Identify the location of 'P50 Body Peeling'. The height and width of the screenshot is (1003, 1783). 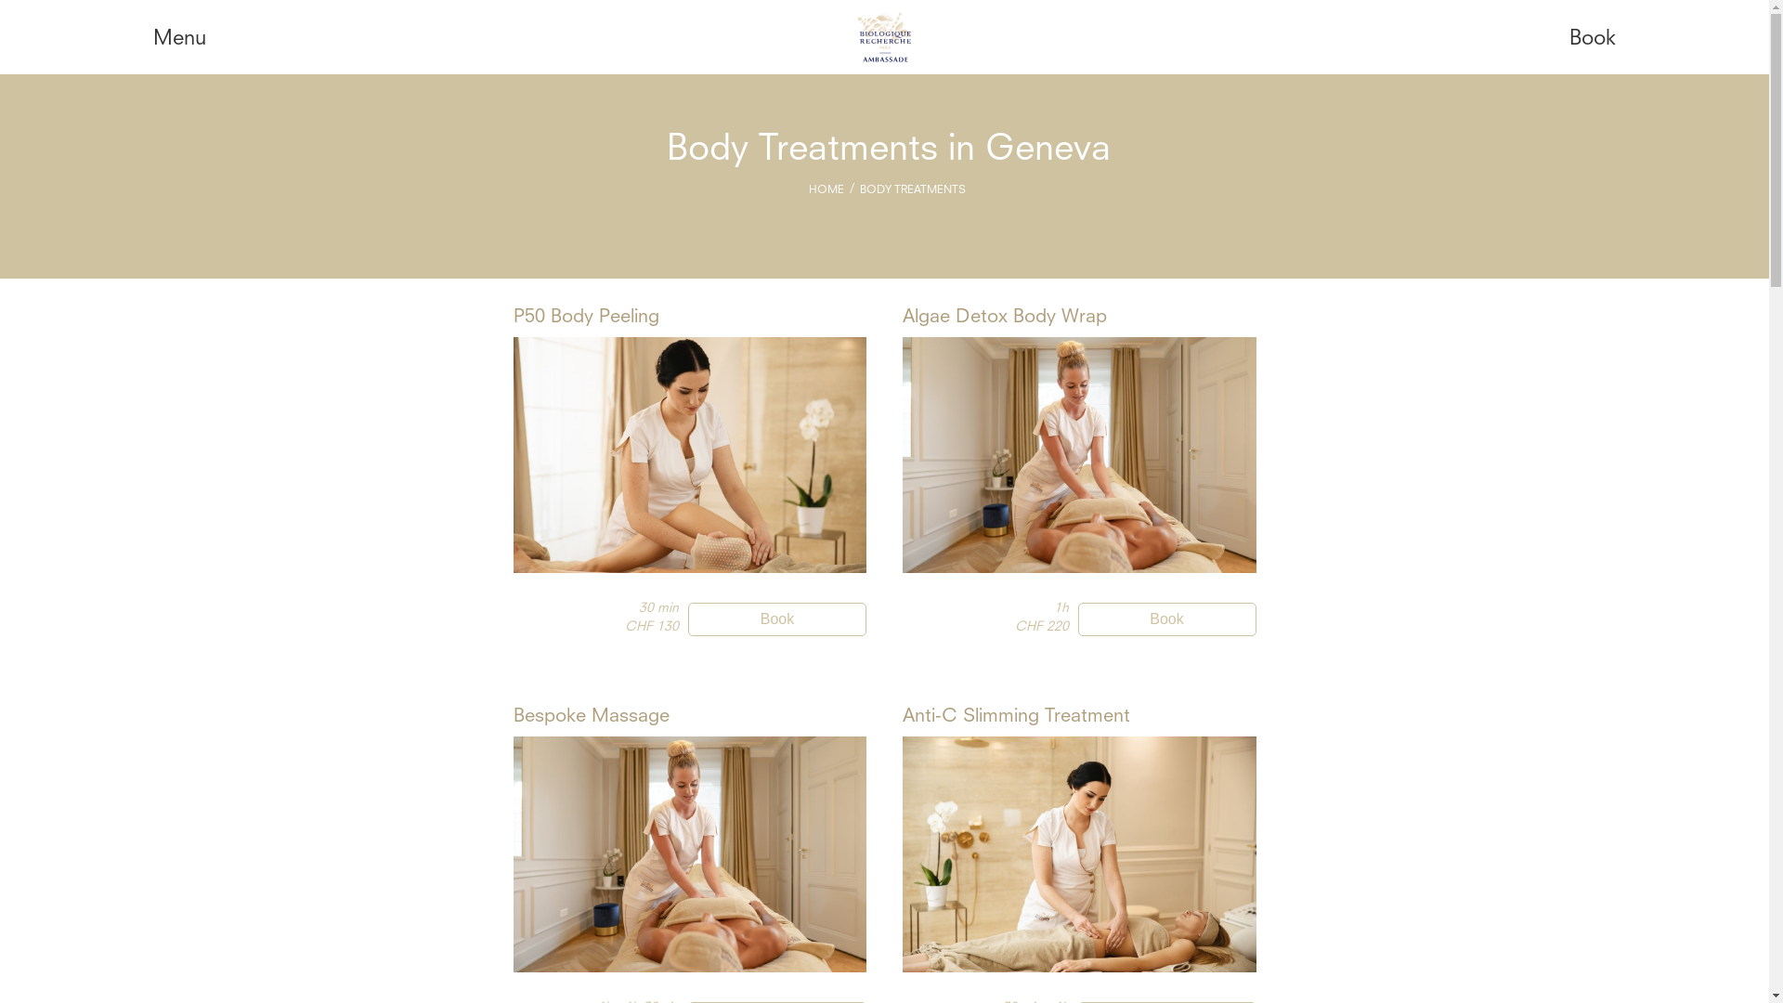
(584, 317).